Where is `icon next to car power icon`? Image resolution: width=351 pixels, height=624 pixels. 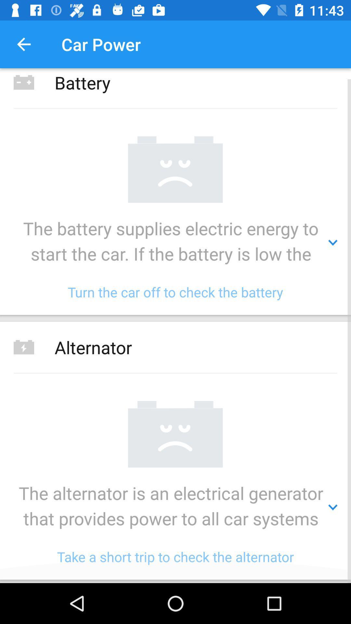 icon next to car power icon is located at coordinates (23, 44).